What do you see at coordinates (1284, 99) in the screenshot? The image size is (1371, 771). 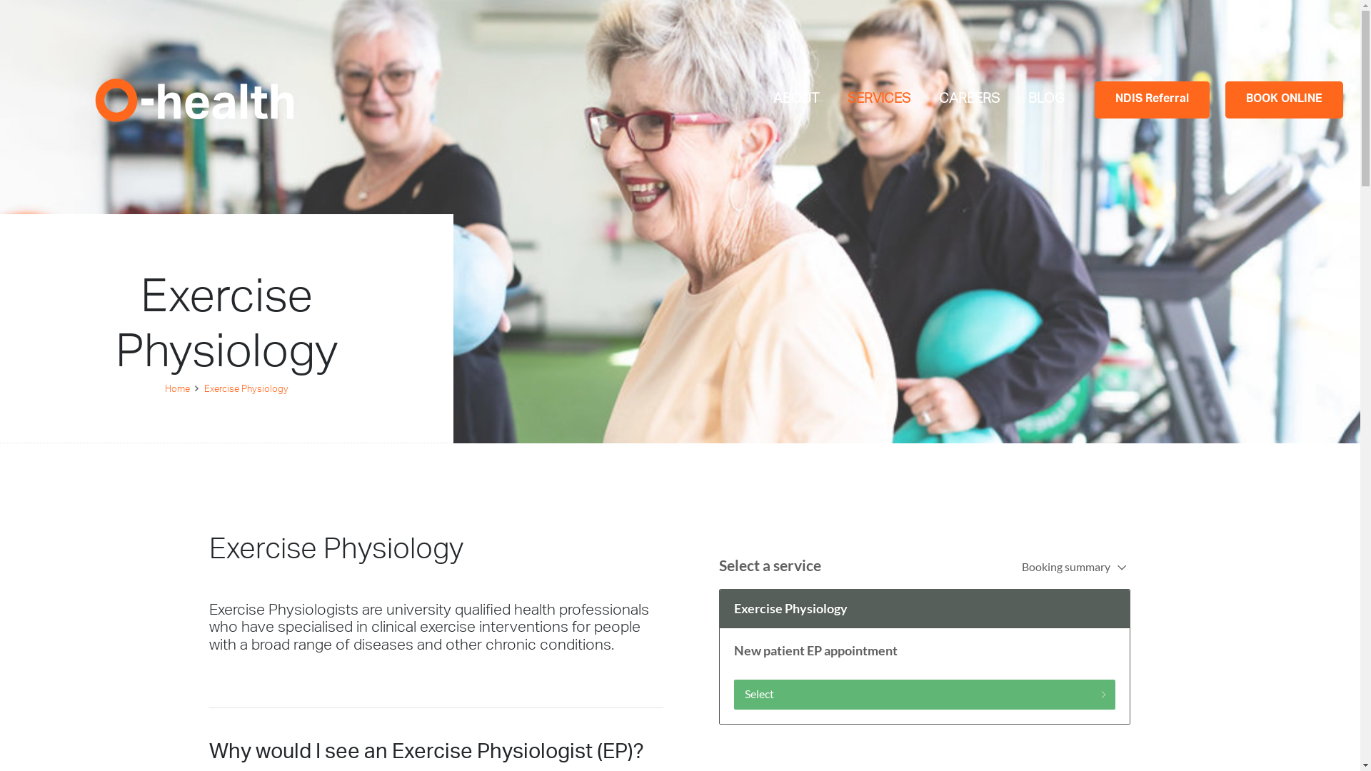 I see `'BOOK ONLINE'` at bounding box center [1284, 99].